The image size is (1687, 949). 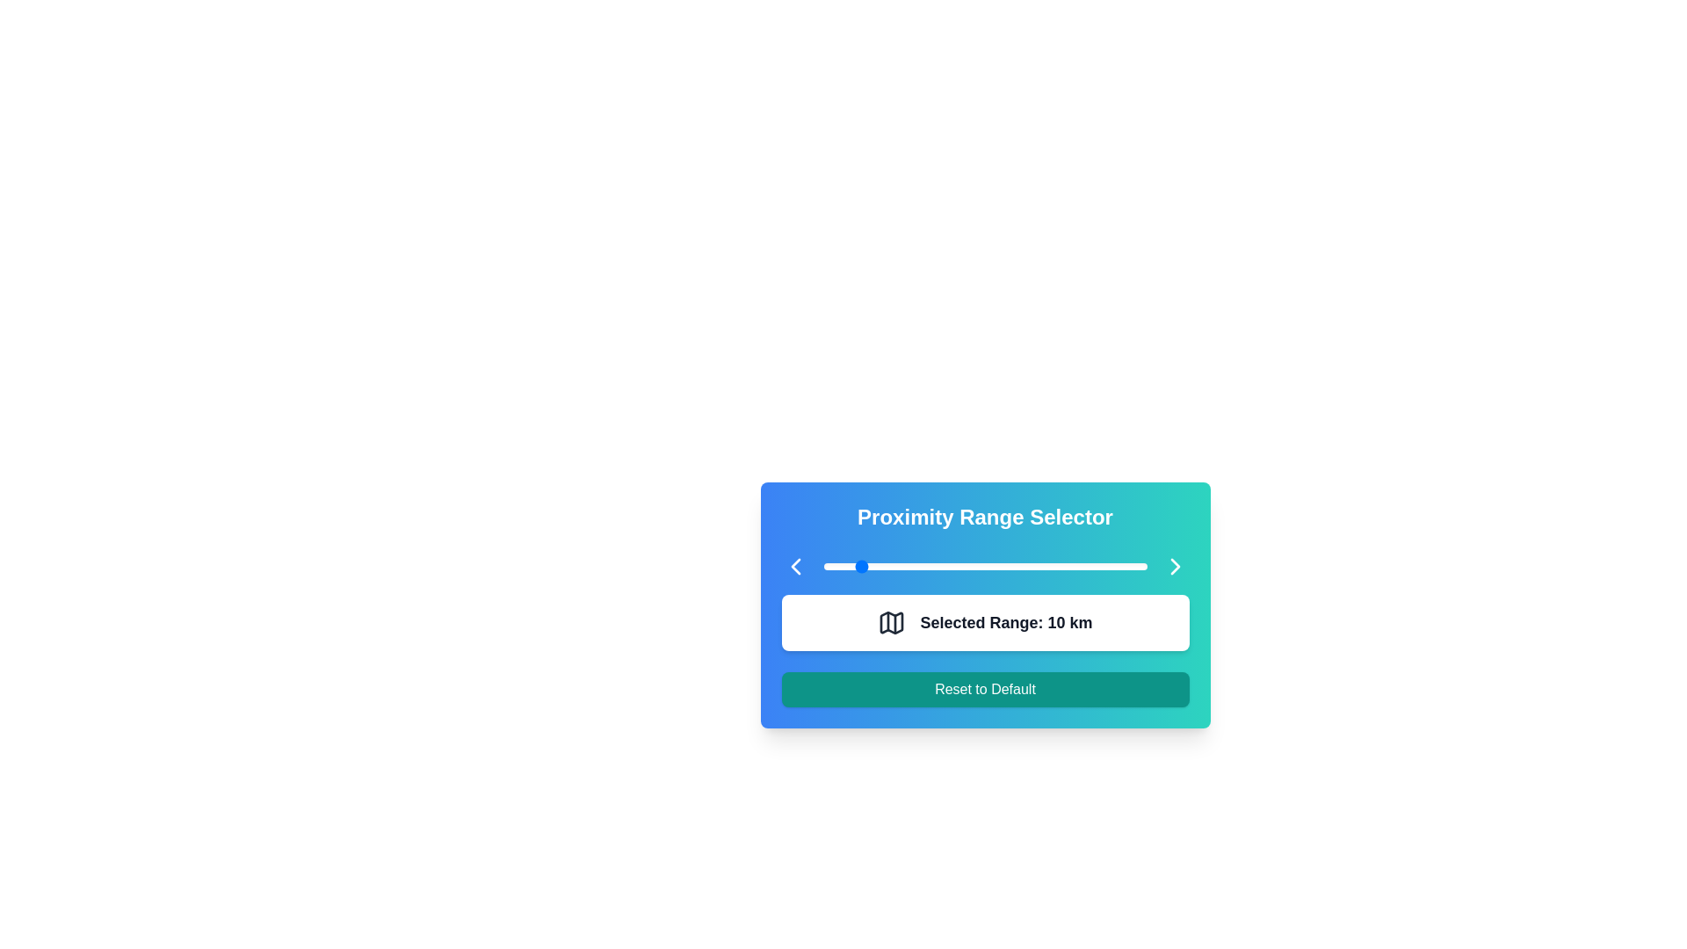 I want to click on proximity range, so click(x=968, y=566).